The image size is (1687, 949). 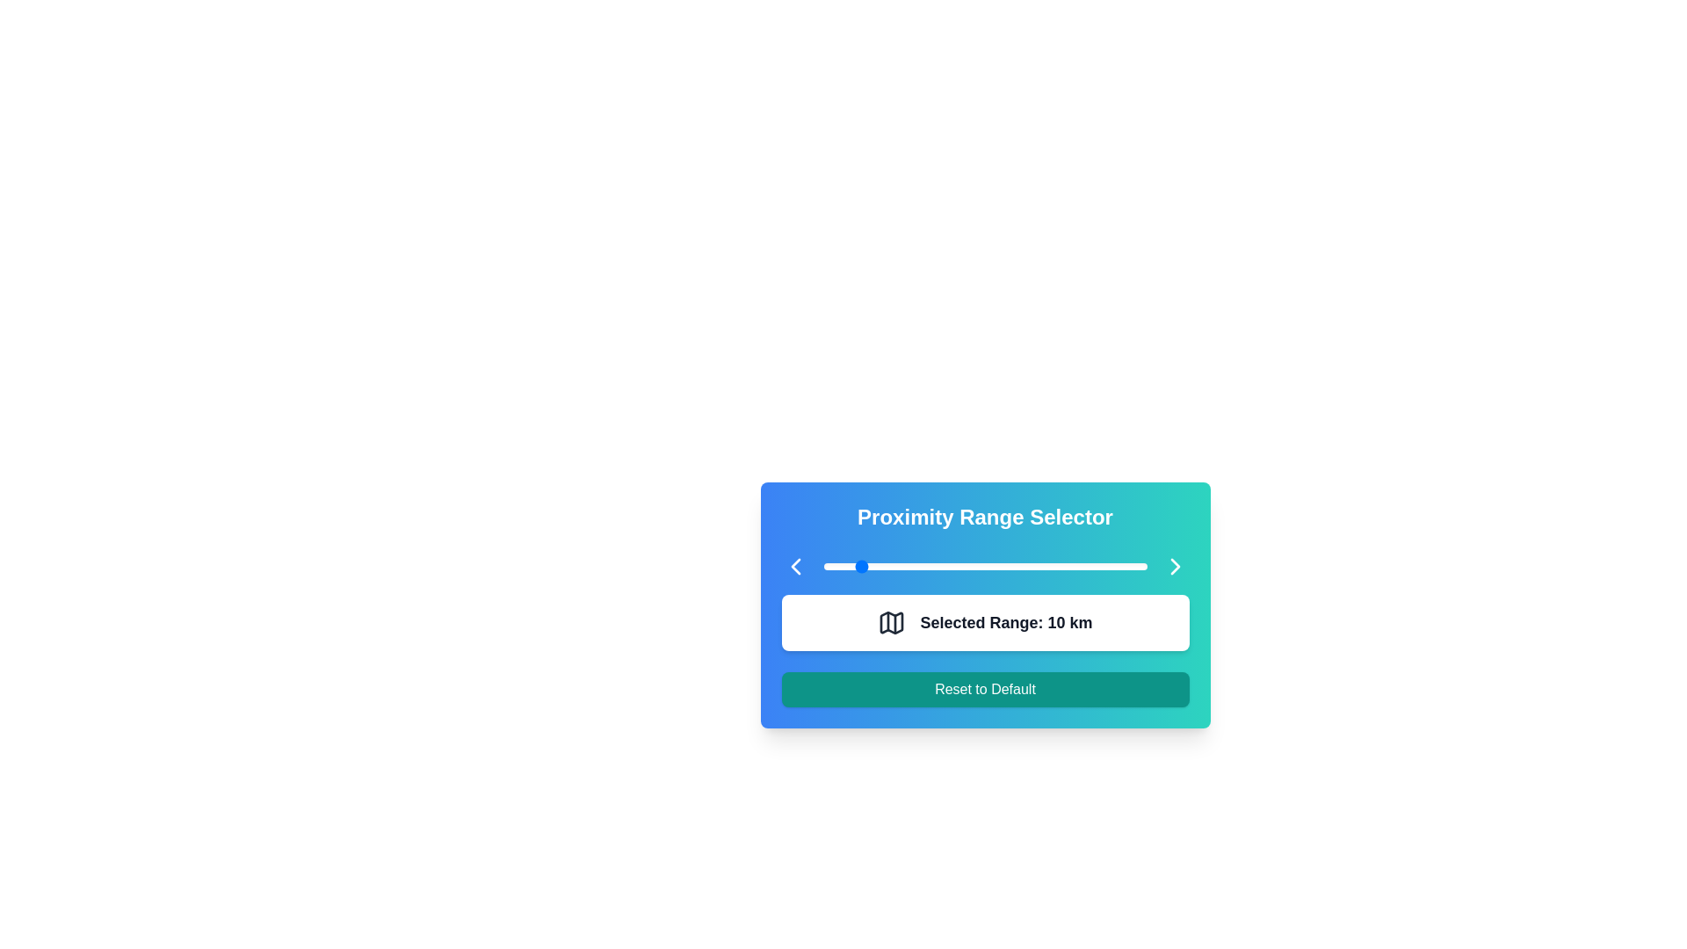 I want to click on proximity range, so click(x=968, y=566).